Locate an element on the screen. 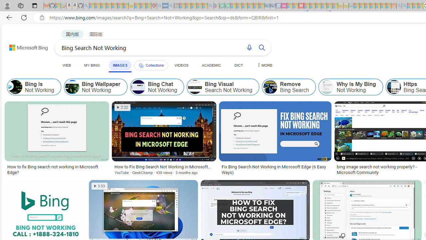 The height and width of the screenshot is (240, 426). 'Class: item col' is located at coordinates (350, 87).